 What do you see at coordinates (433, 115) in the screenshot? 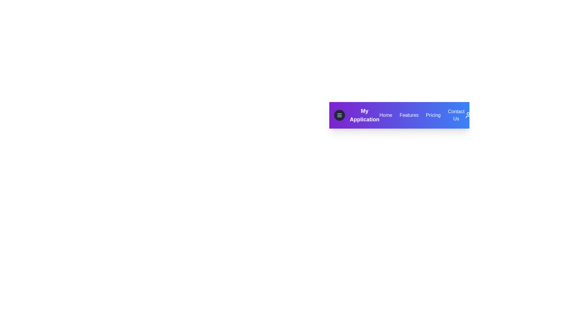
I see `the Pricing link to navigate to the corresponding section` at bounding box center [433, 115].